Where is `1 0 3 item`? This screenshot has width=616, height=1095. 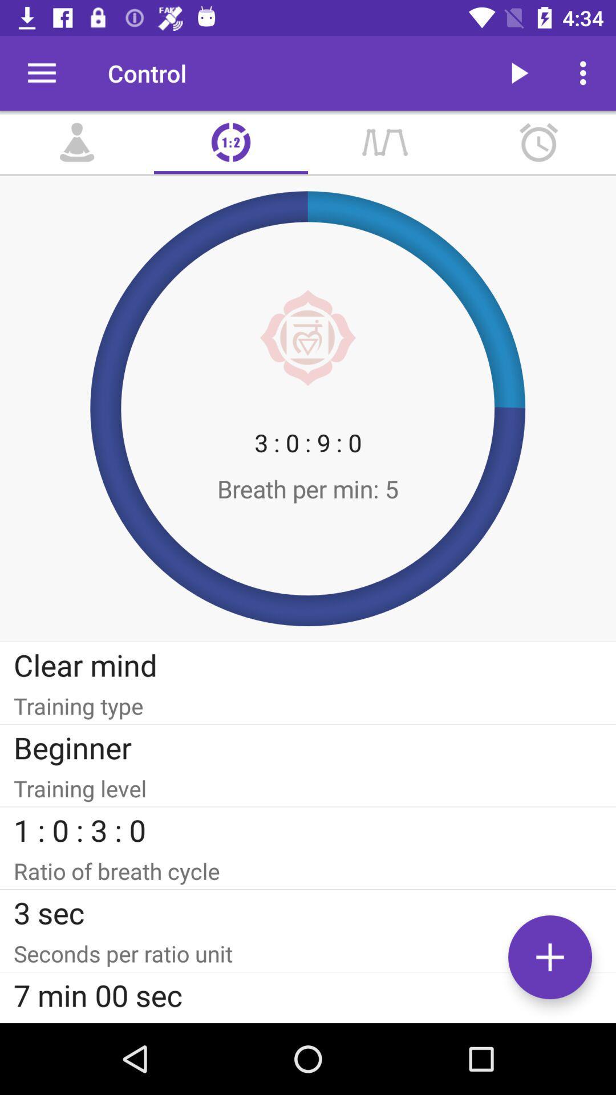 1 0 3 item is located at coordinates (308, 830).